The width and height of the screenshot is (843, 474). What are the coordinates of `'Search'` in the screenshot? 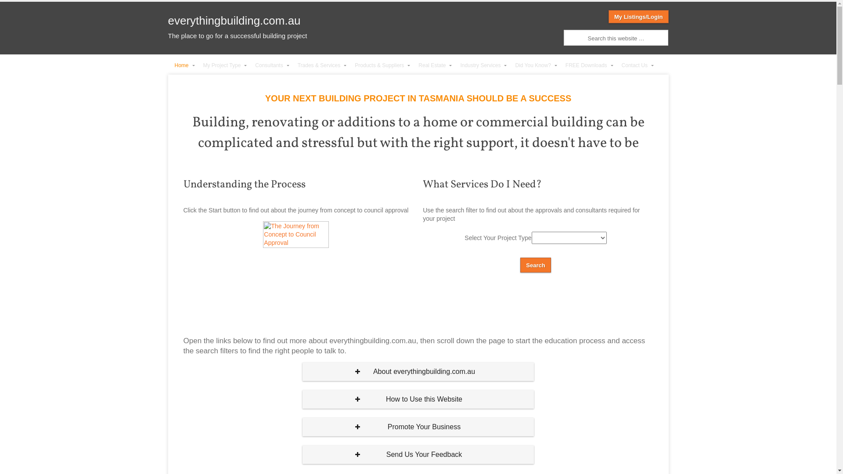 It's located at (535, 265).